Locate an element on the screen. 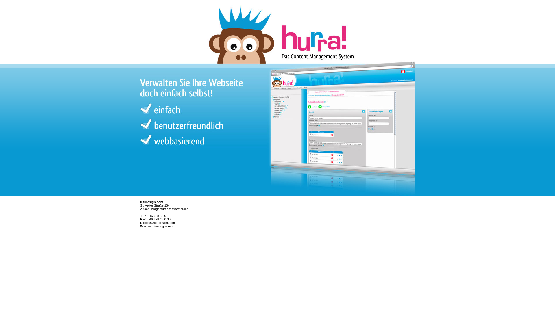 This screenshot has height=312, width=555. 'office@futuresign.com' is located at coordinates (159, 222).